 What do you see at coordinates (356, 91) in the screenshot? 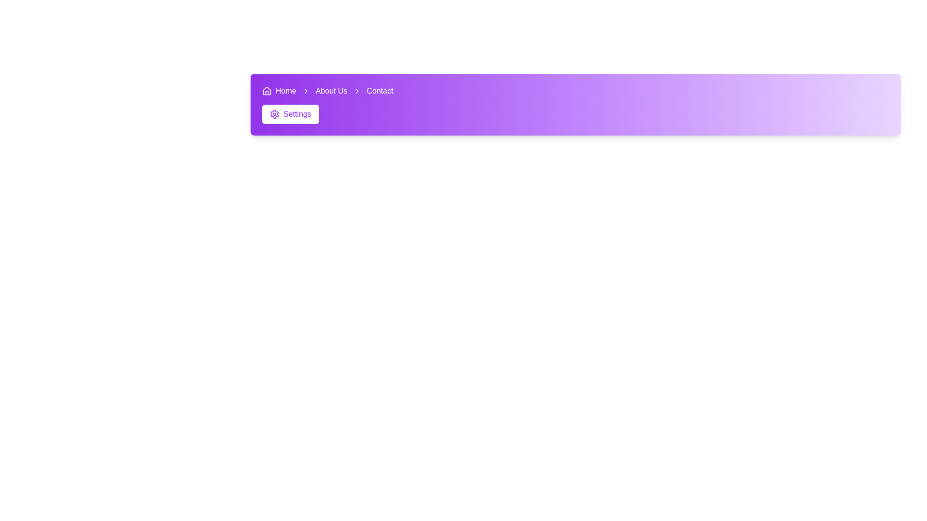
I see `the rightward-facing chevron icon situated between the 'About Us' and 'Contact' text links in the breadcrumb navigation bar` at bounding box center [356, 91].